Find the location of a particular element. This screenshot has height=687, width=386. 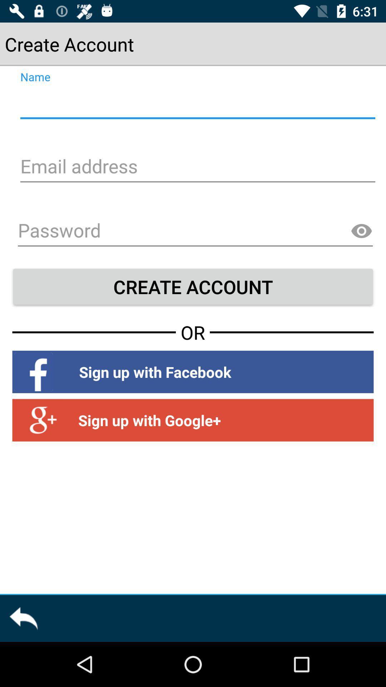

email adress is located at coordinates (197, 167).